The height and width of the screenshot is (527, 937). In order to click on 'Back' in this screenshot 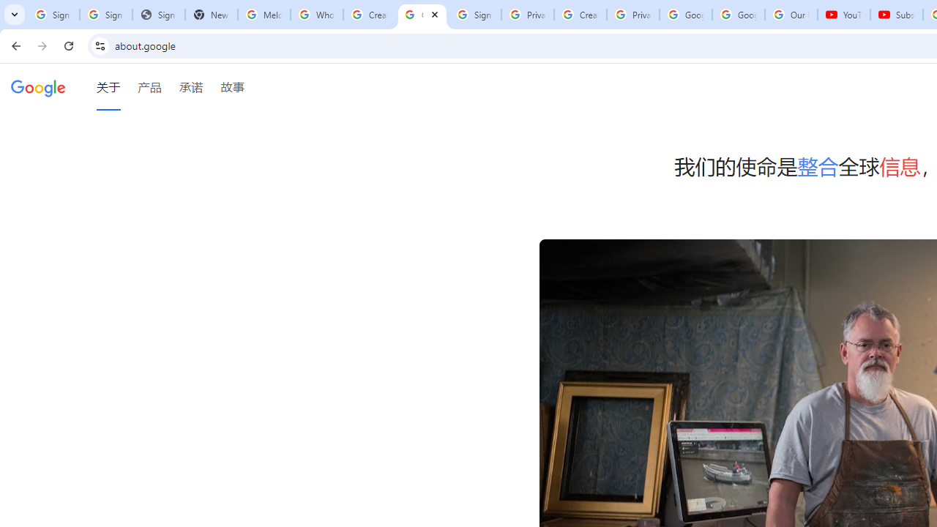, I will do `click(14, 45)`.